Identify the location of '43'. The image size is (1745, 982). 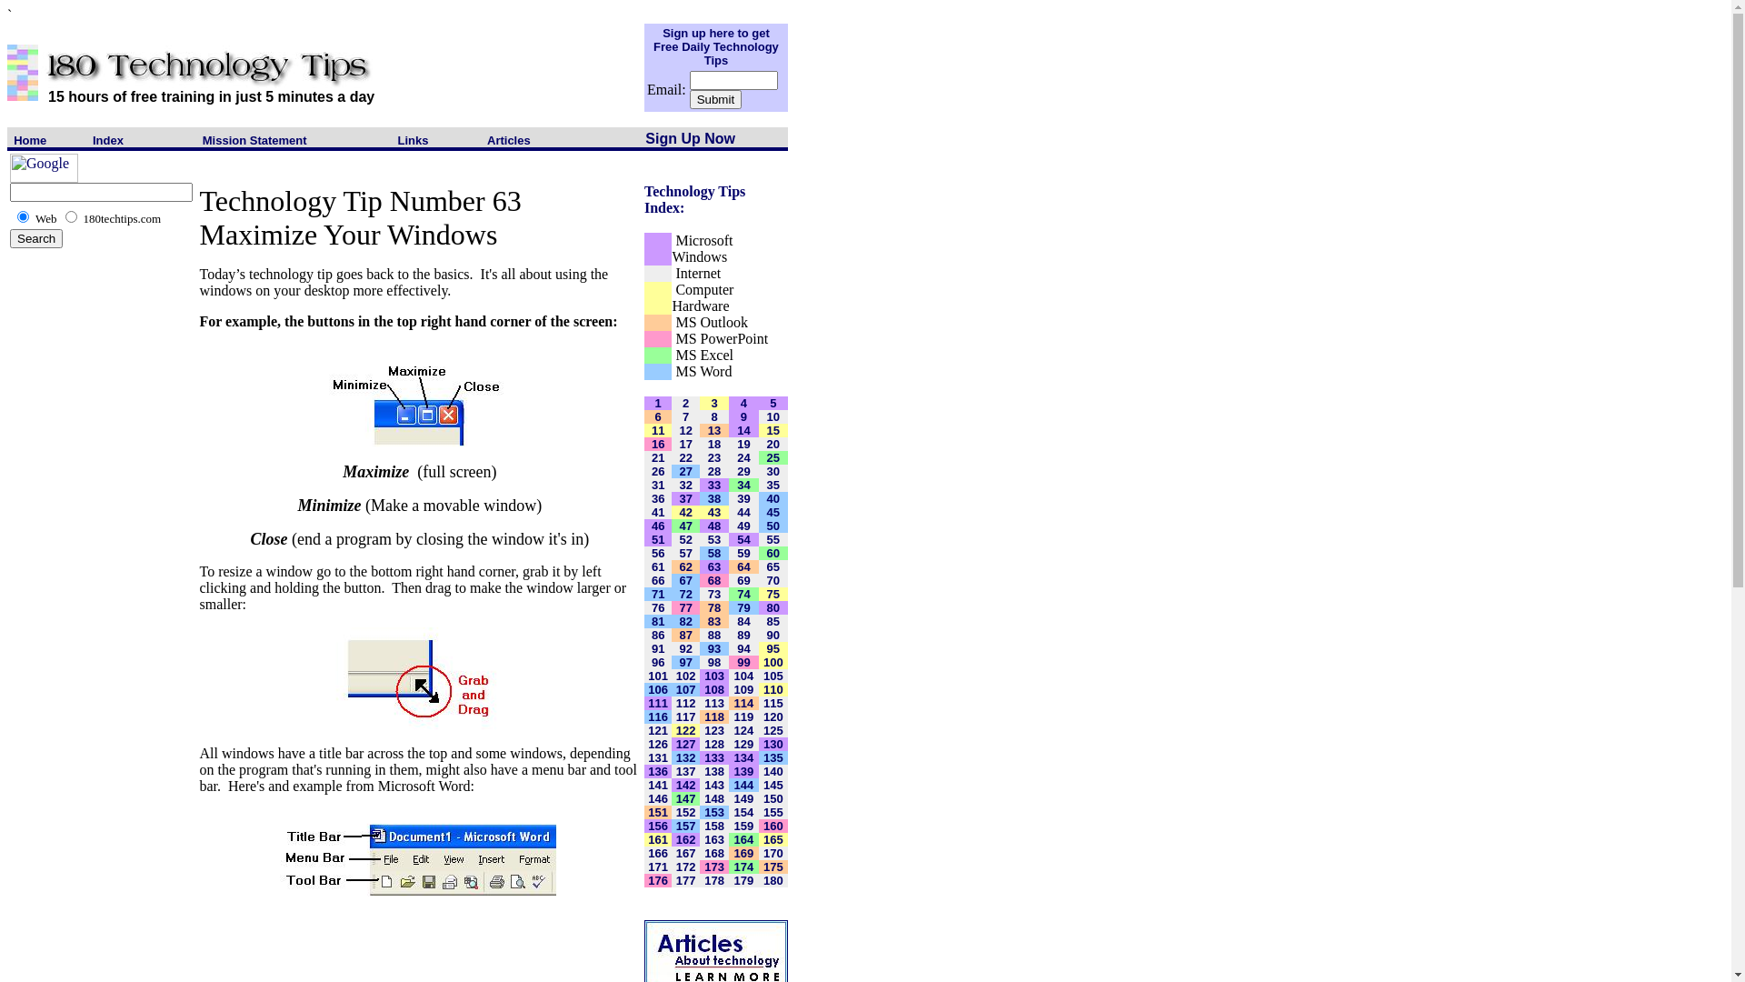
(706, 512).